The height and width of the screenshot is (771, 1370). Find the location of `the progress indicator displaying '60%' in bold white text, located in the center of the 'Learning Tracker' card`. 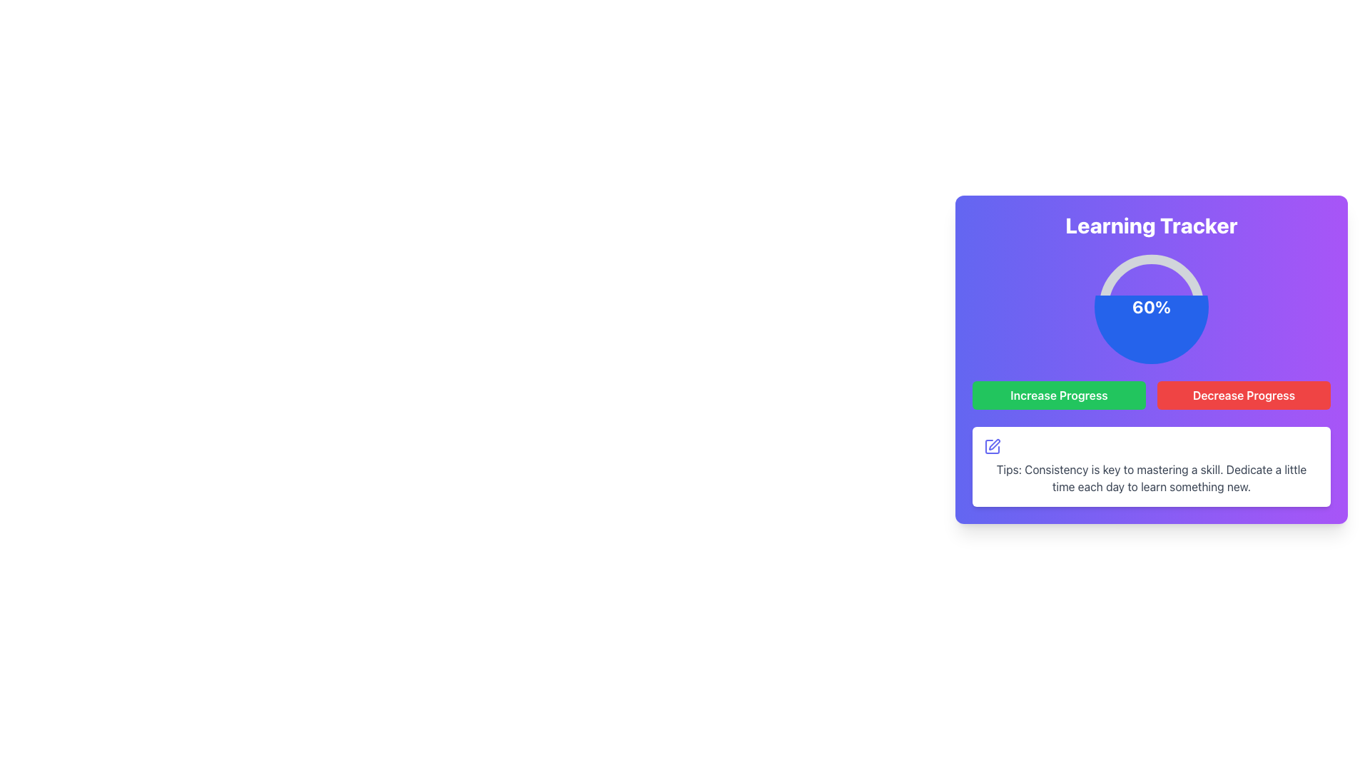

the progress indicator displaying '60%' in bold white text, located in the center of the 'Learning Tracker' card is located at coordinates (1151, 306).